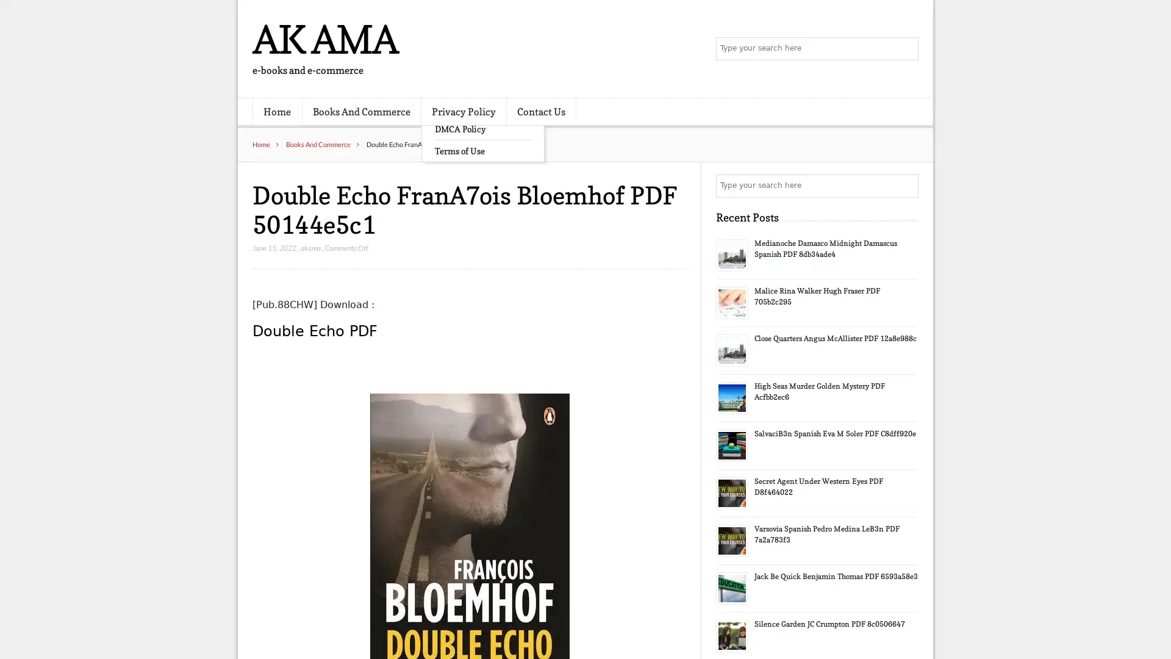 The image size is (1171, 659). Describe the element at coordinates (906, 185) in the screenshot. I see `Search` at that location.